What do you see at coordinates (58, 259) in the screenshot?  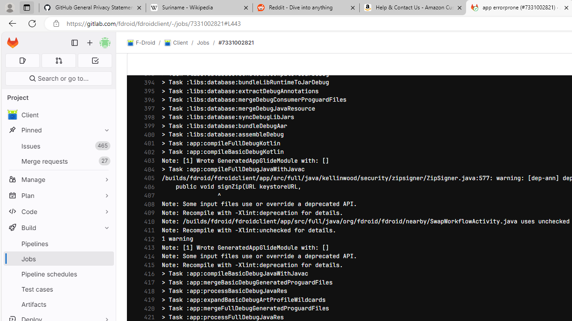 I see `'Jobs'` at bounding box center [58, 259].